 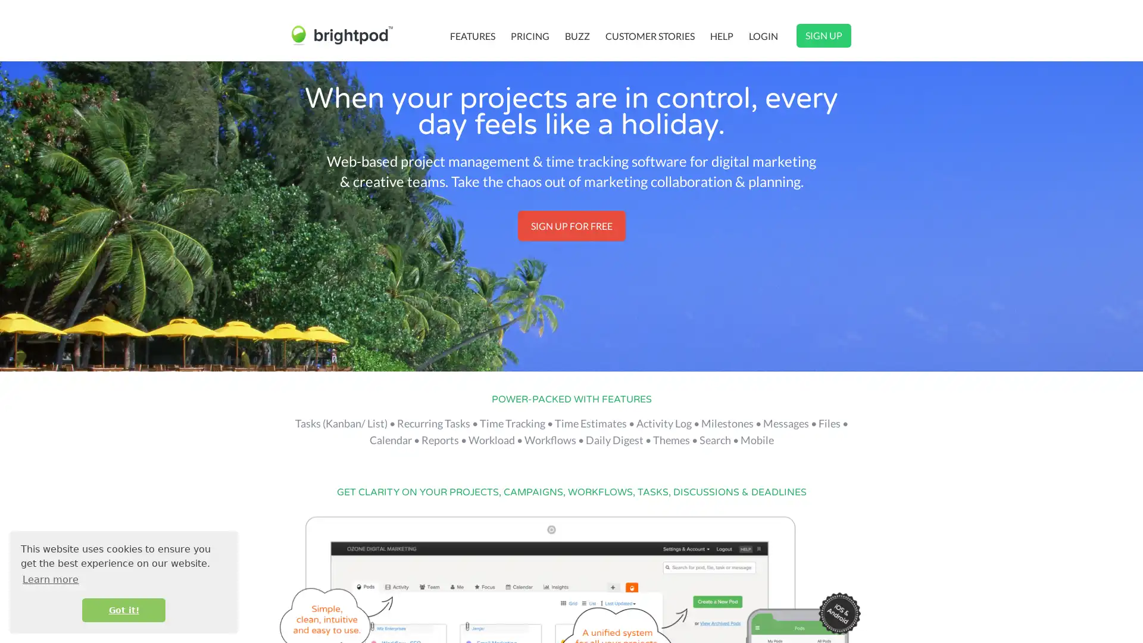 I want to click on learn more about cookies, so click(x=50, y=579).